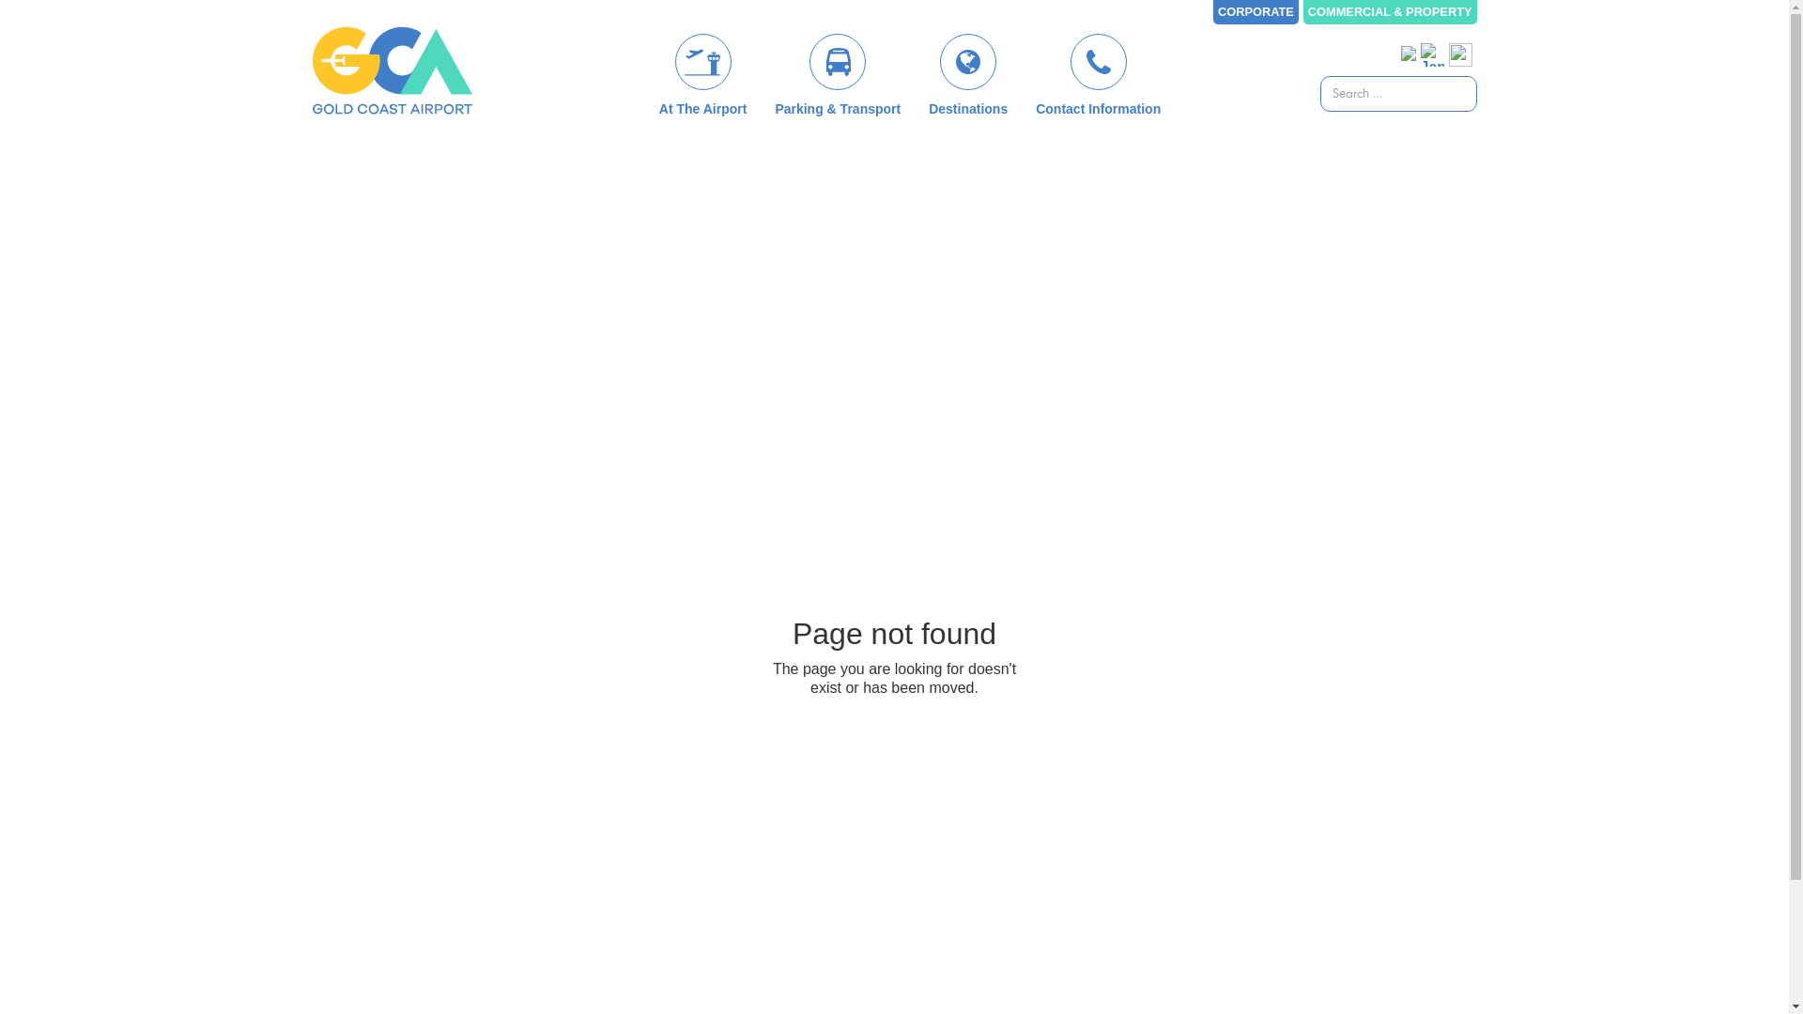 This screenshot has height=1014, width=1803. Describe the element at coordinates (1390, 11) in the screenshot. I see `'COMMERCIAL & PROPERTY'` at that location.